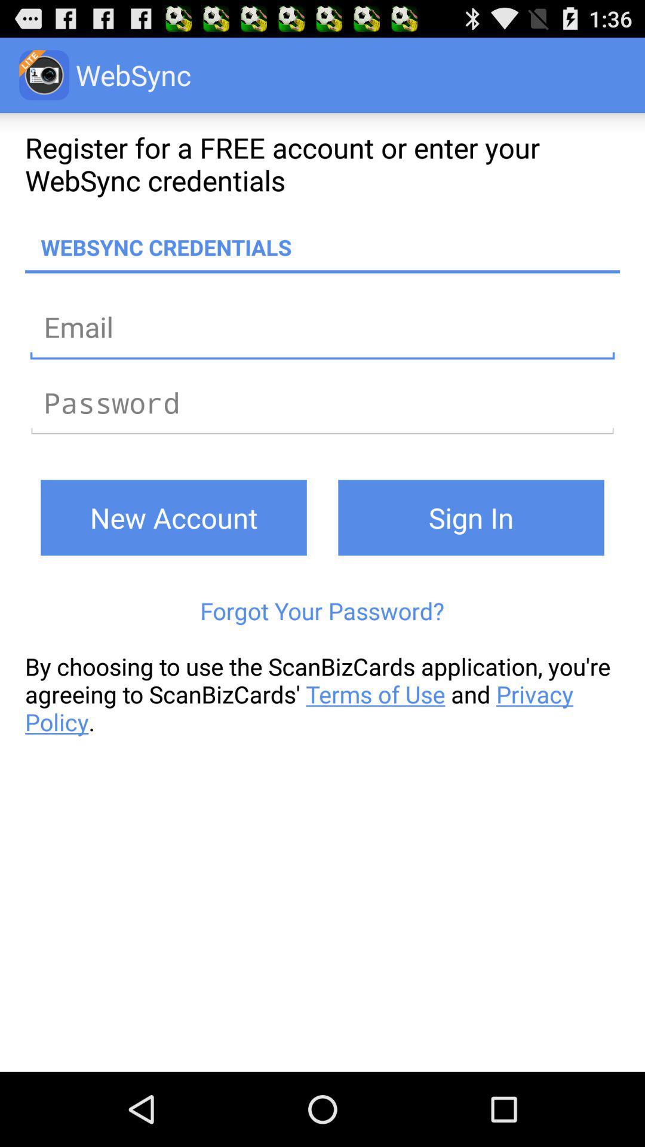 The height and width of the screenshot is (1147, 645). Describe the element at coordinates (173, 517) in the screenshot. I see `icon next to sign in` at that location.